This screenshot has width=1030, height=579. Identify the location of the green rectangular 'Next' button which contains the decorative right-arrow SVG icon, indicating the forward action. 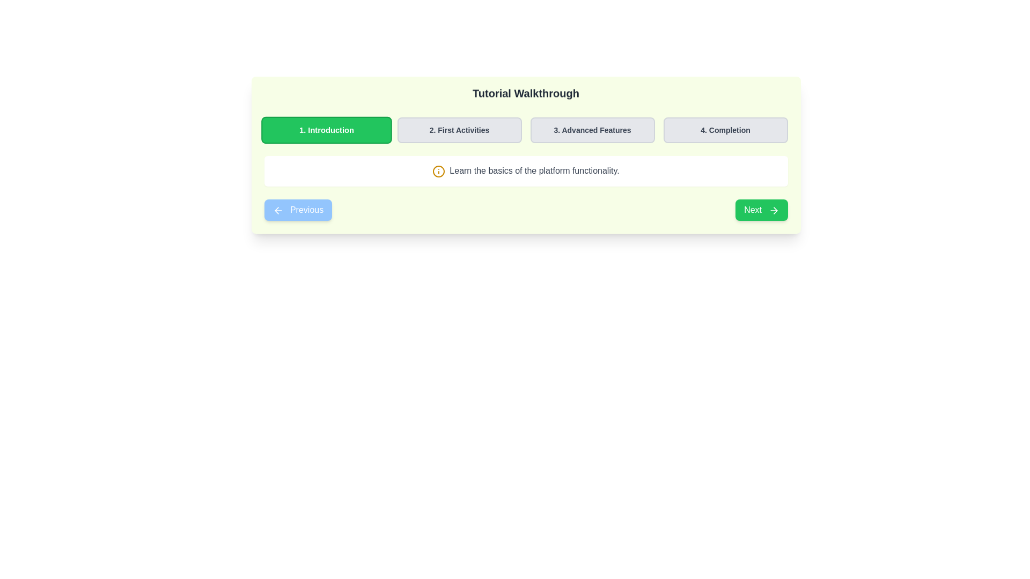
(775, 210).